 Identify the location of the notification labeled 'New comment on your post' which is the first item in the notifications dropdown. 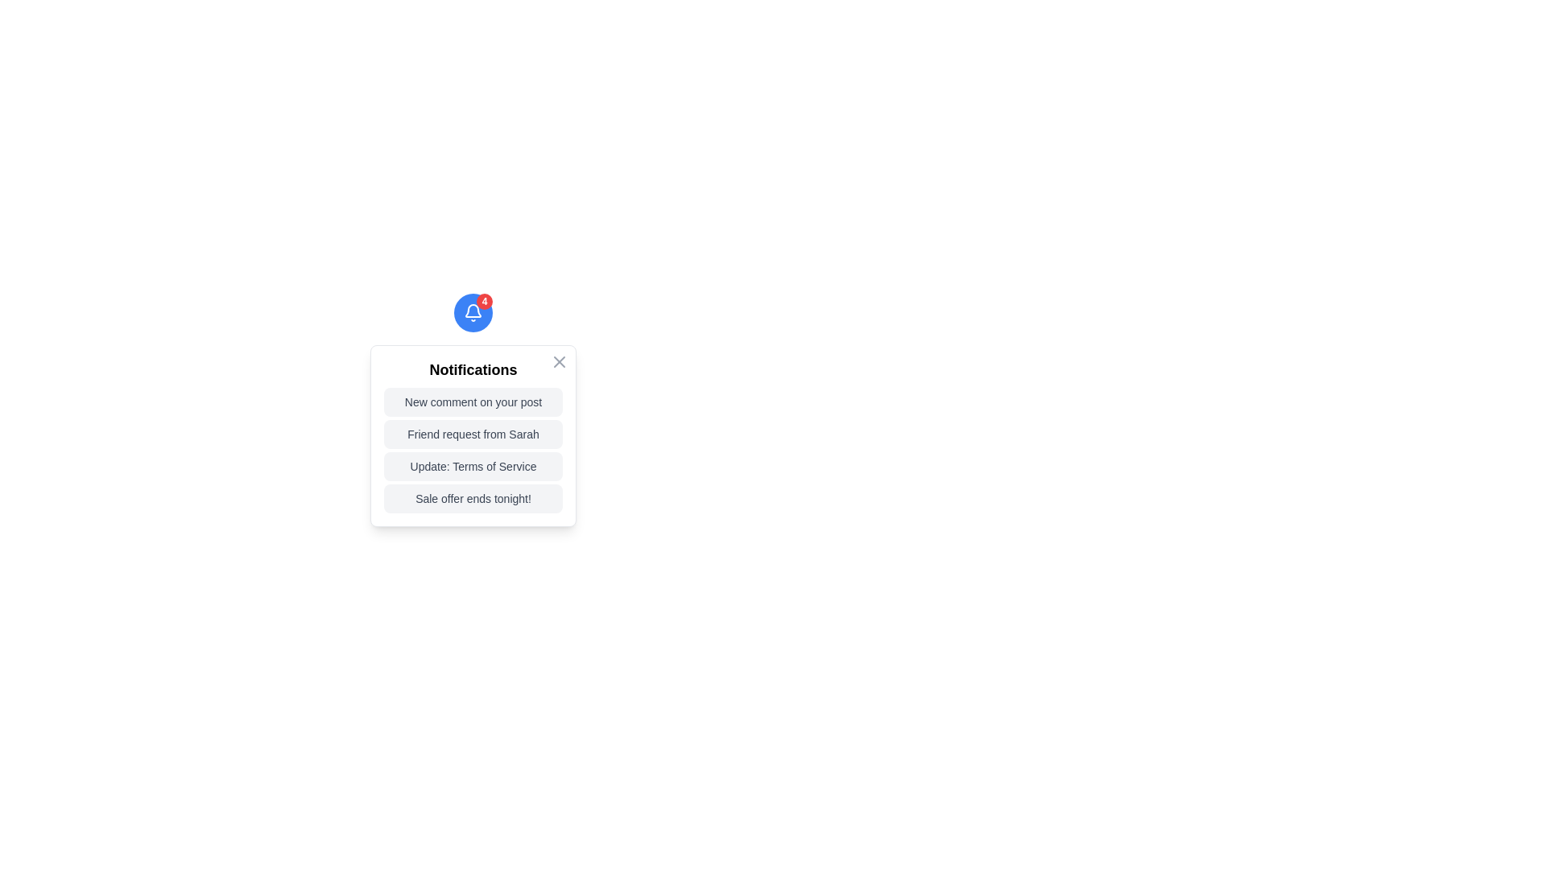
(473, 402).